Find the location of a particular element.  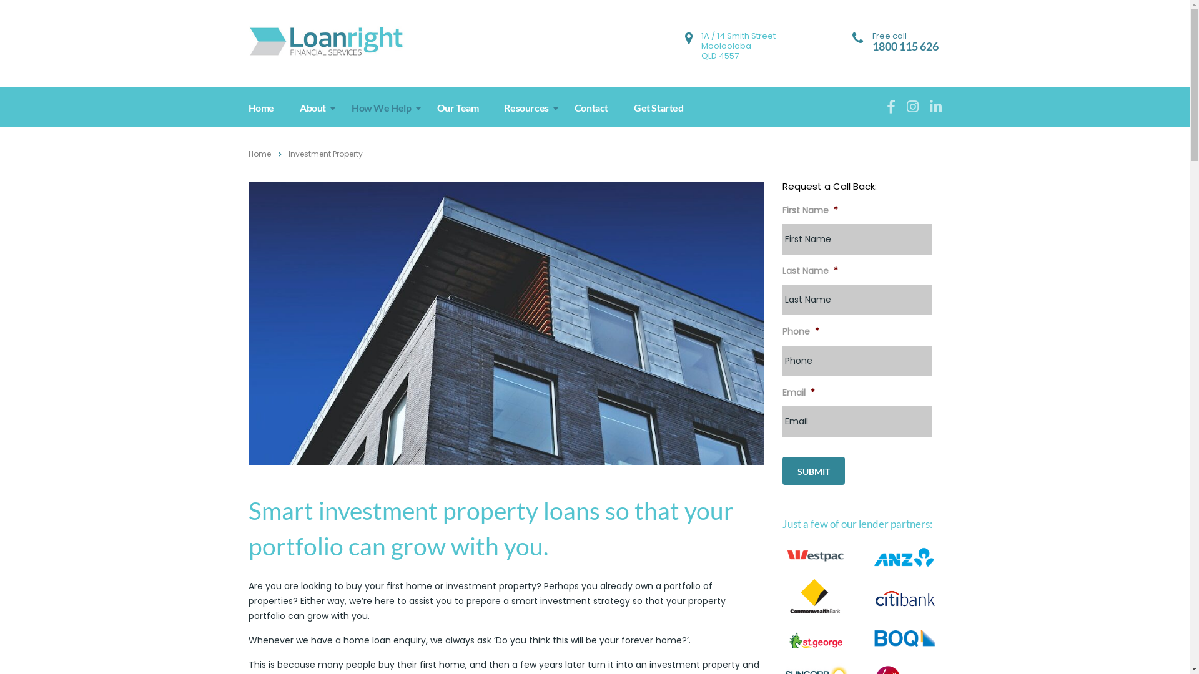

'Submit' is located at coordinates (812, 471).